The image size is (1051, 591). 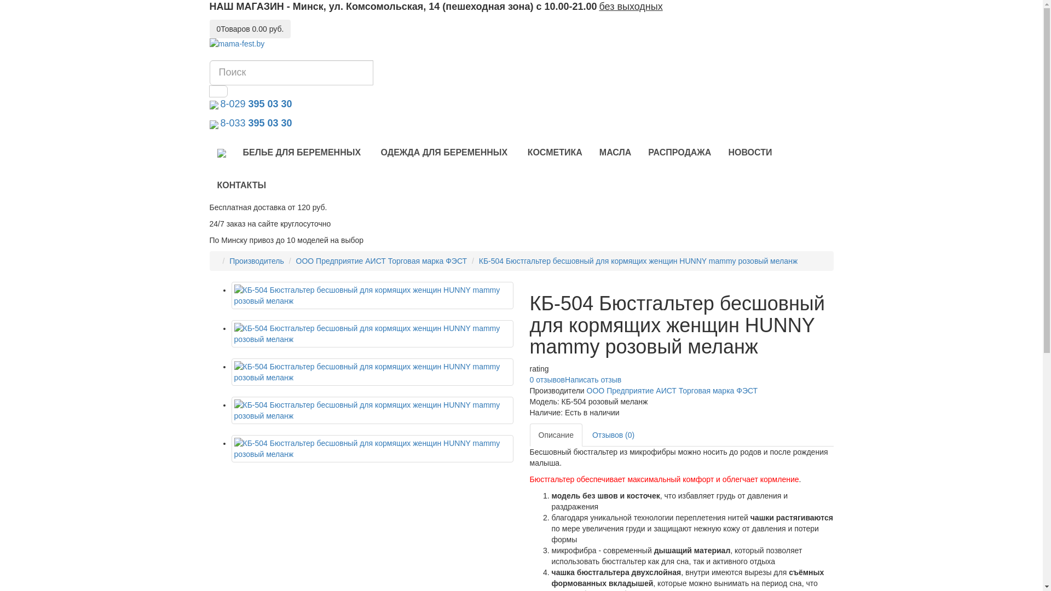 What do you see at coordinates (254, 105) in the screenshot?
I see `'8-029 395 03 30'` at bounding box center [254, 105].